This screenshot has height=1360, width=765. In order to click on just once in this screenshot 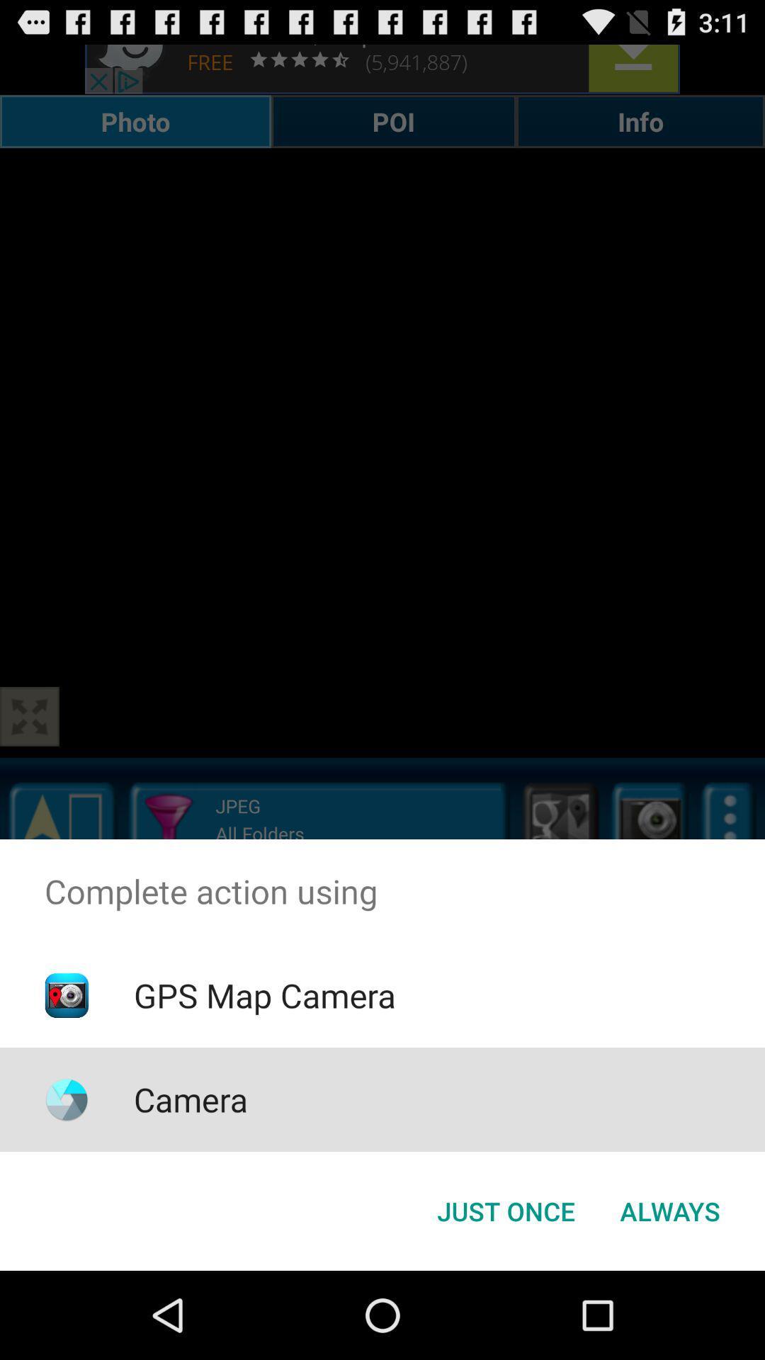, I will do `click(505, 1210)`.